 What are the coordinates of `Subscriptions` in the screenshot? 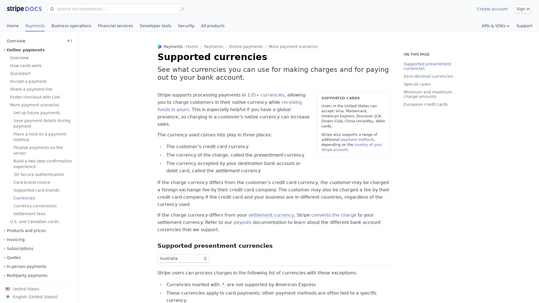 It's located at (20, 248).